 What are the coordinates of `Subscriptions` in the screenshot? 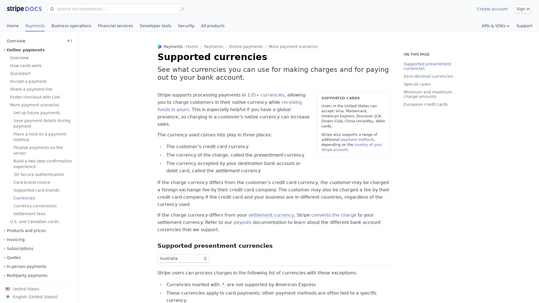 It's located at (20, 248).